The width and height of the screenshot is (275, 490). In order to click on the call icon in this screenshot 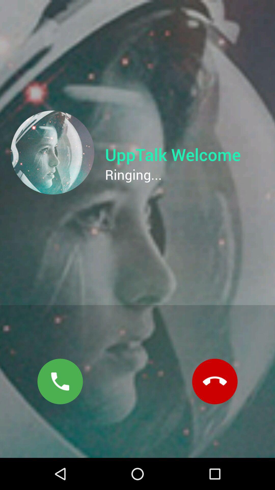, I will do `click(60, 381)`.